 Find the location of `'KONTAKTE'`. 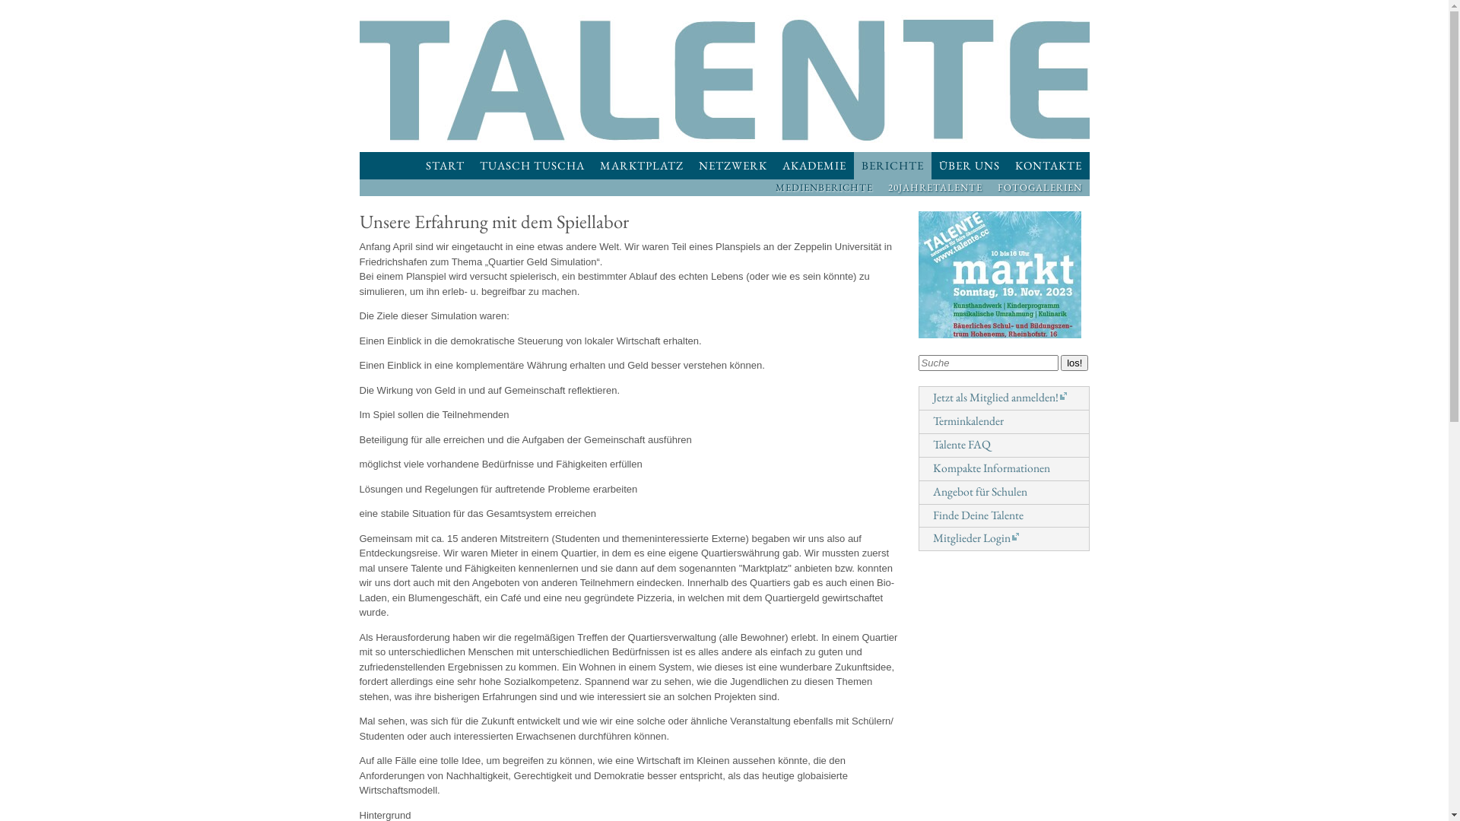

'KONTAKTE' is located at coordinates (1046, 166).